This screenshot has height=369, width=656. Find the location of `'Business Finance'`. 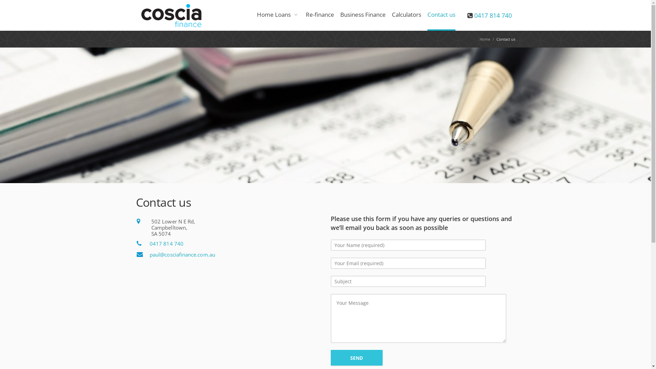

'Business Finance' is located at coordinates (340, 15).